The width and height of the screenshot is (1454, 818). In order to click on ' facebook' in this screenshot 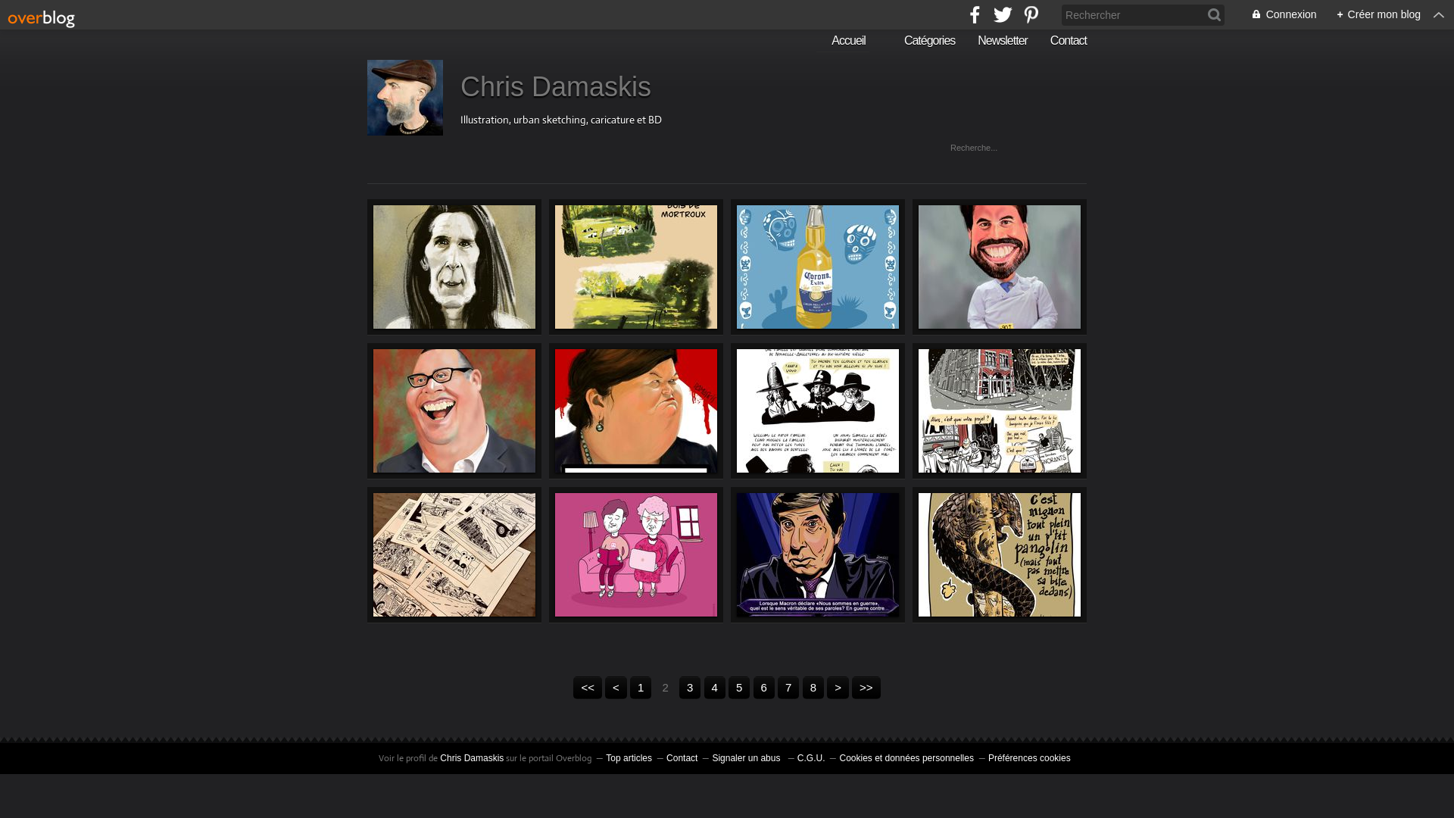, I will do `click(965, 14)`.